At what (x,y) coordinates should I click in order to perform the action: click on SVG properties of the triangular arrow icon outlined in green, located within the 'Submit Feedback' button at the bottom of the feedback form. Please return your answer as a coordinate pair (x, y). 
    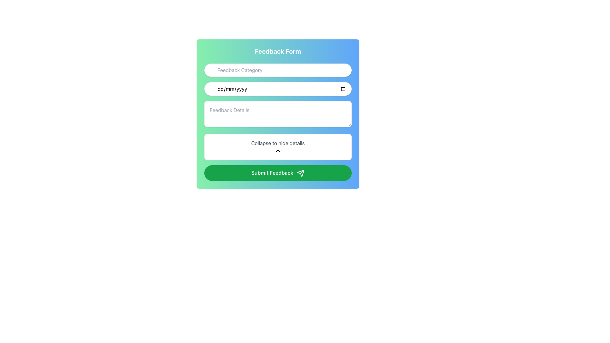
    Looking at the image, I should click on (300, 173).